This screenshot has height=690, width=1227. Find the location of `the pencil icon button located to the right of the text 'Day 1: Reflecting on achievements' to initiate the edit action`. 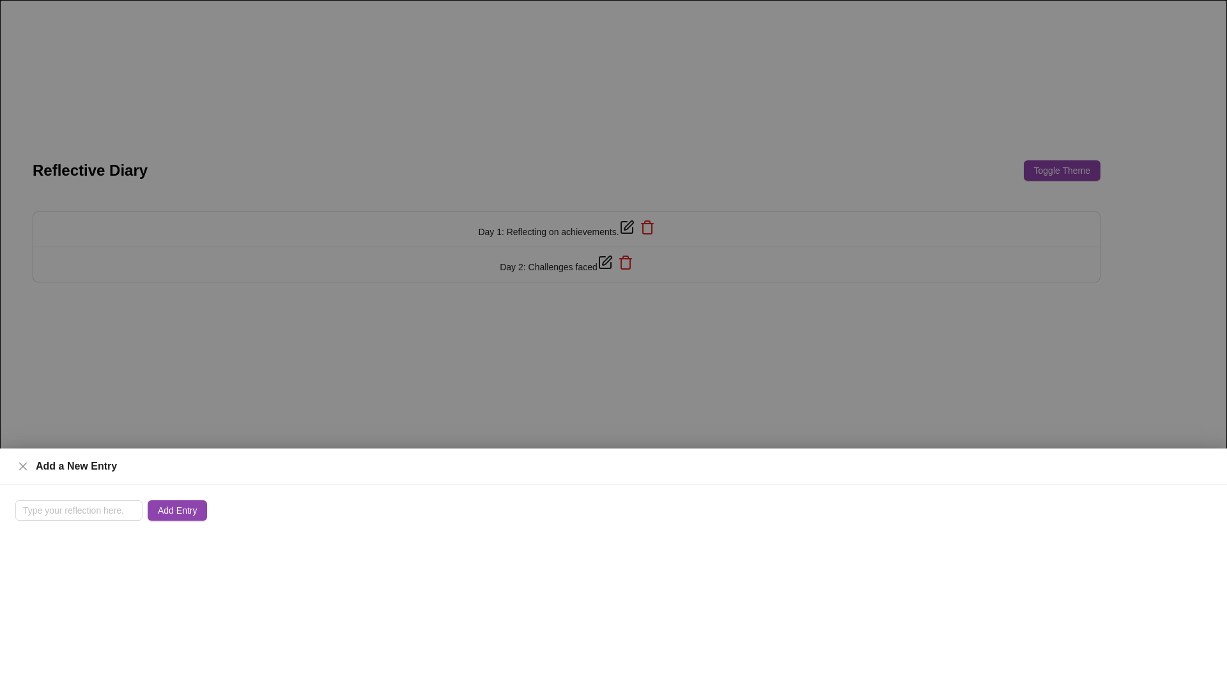

the pencil icon button located to the right of the text 'Day 1: Reflecting on achievements' to initiate the edit action is located at coordinates (626, 226).